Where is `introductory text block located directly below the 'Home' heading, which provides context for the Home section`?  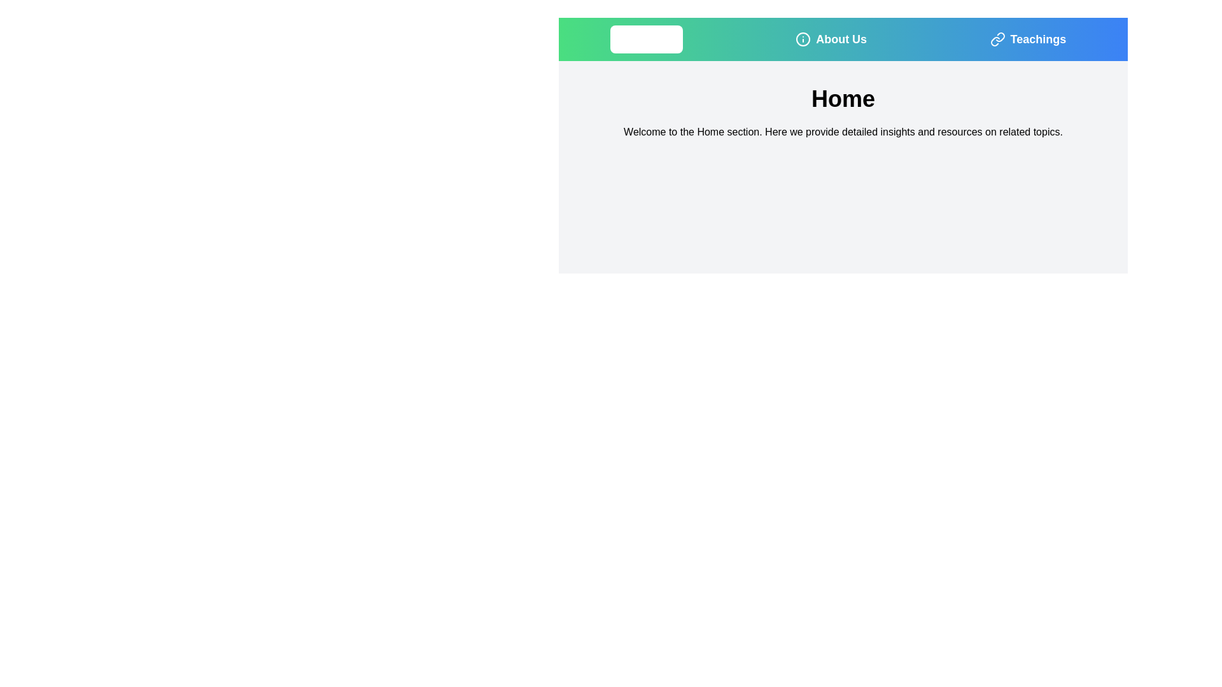
introductory text block located directly below the 'Home' heading, which provides context for the Home section is located at coordinates (843, 132).